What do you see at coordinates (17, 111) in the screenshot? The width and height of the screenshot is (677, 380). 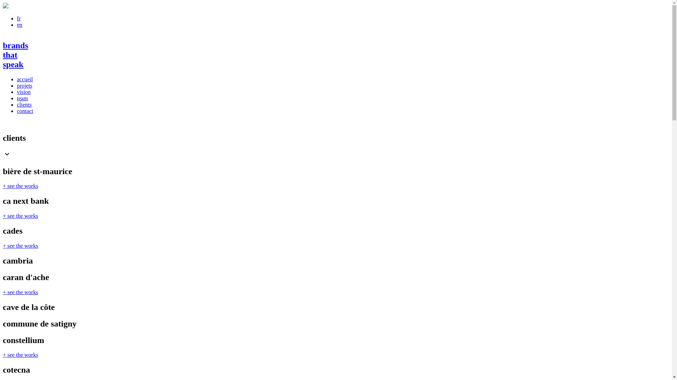 I see `'contact'` at bounding box center [17, 111].